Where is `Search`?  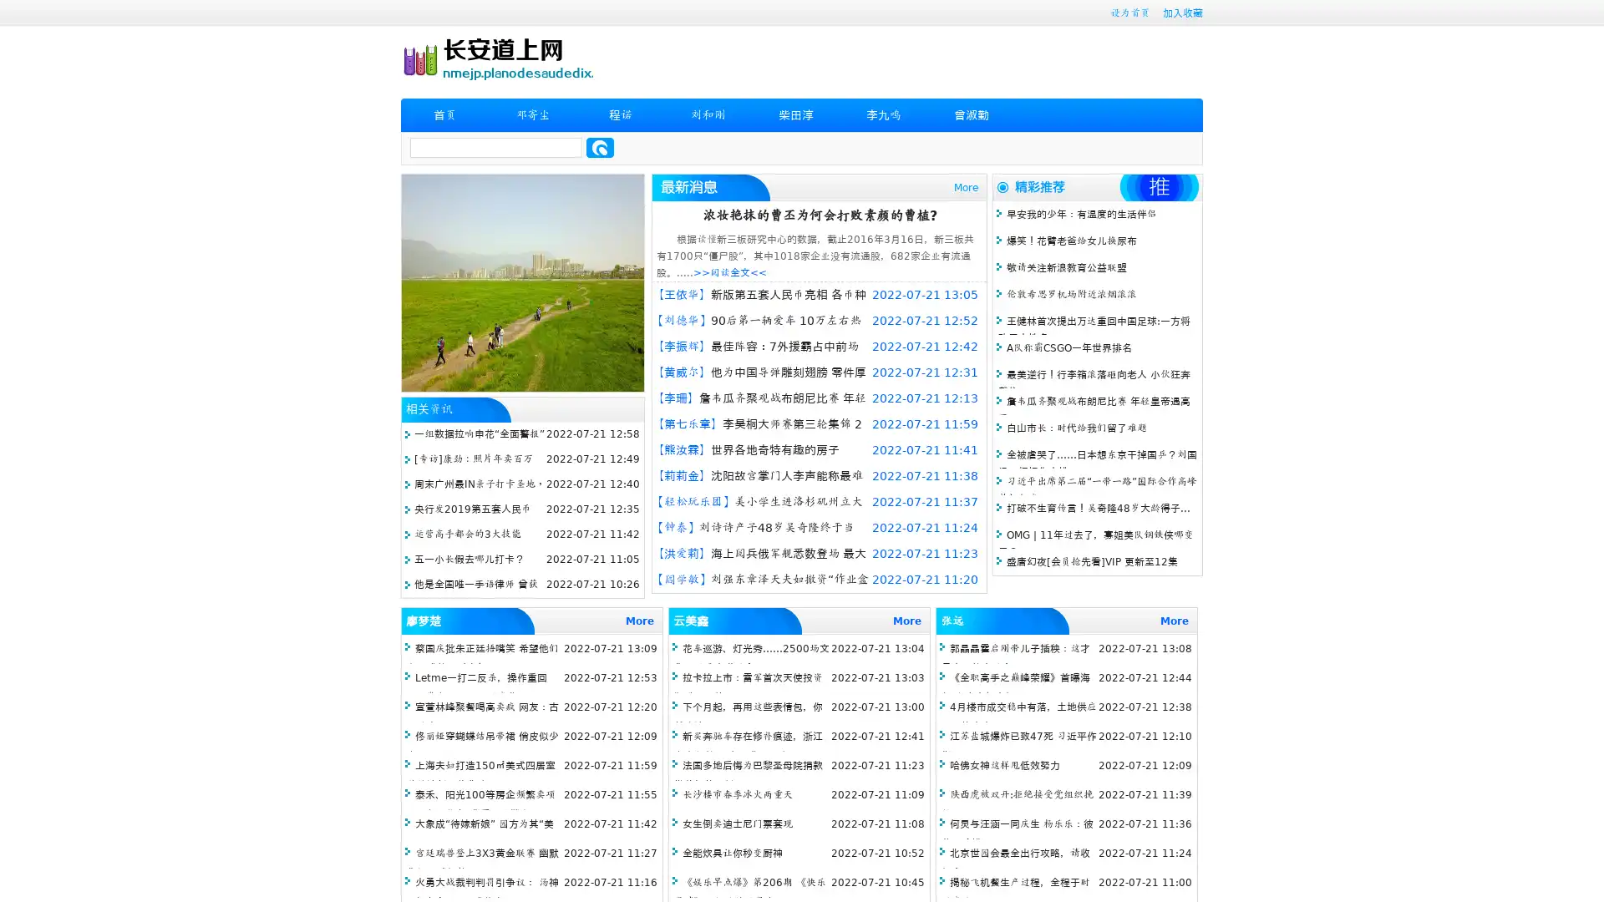
Search is located at coordinates (600, 147).